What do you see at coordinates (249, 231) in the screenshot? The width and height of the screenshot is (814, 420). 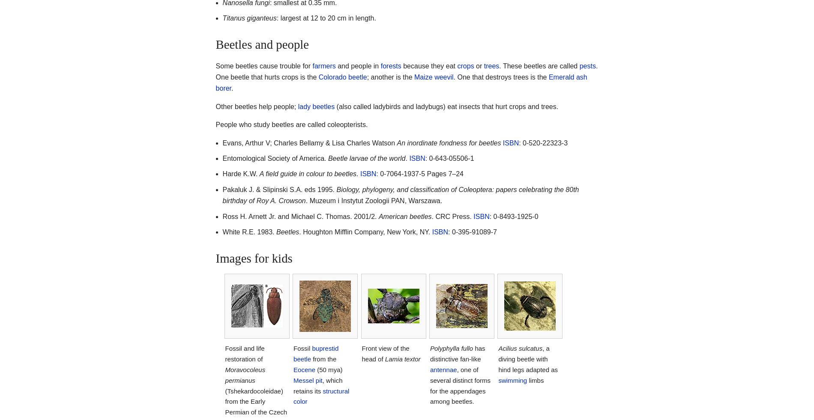 I see `'White R.E. 1983.'` at bounding box center [249, 231].